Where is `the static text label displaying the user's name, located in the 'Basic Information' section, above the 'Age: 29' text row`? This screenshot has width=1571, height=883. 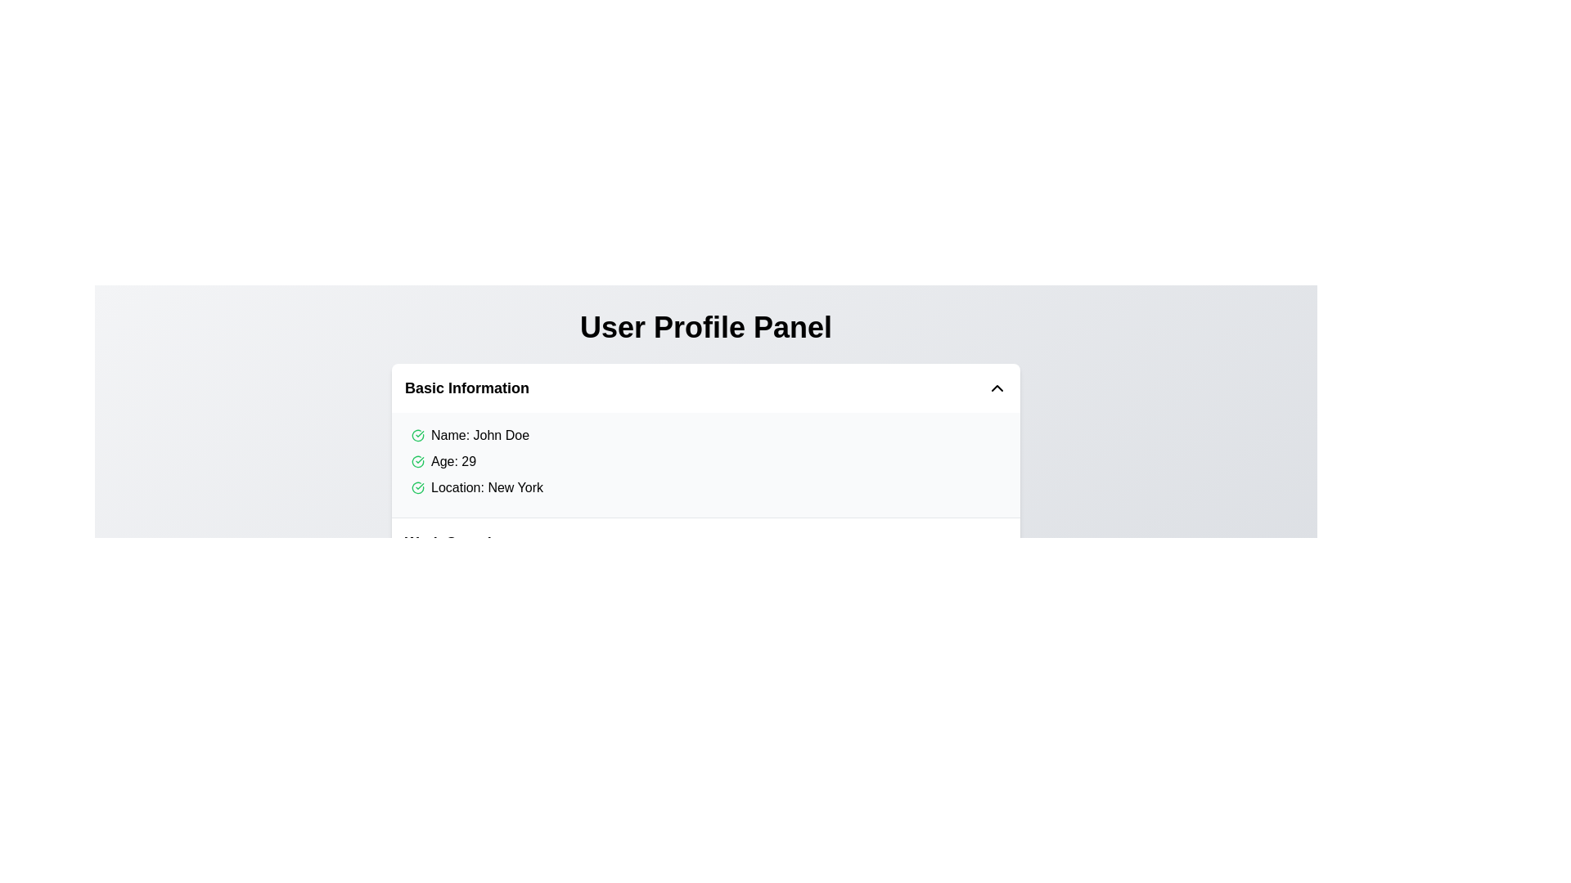 the static text label displaying the user's name, located in the 'Basic Information' section, above the 'Age: 29' text row is located at coordinates (479, 434).